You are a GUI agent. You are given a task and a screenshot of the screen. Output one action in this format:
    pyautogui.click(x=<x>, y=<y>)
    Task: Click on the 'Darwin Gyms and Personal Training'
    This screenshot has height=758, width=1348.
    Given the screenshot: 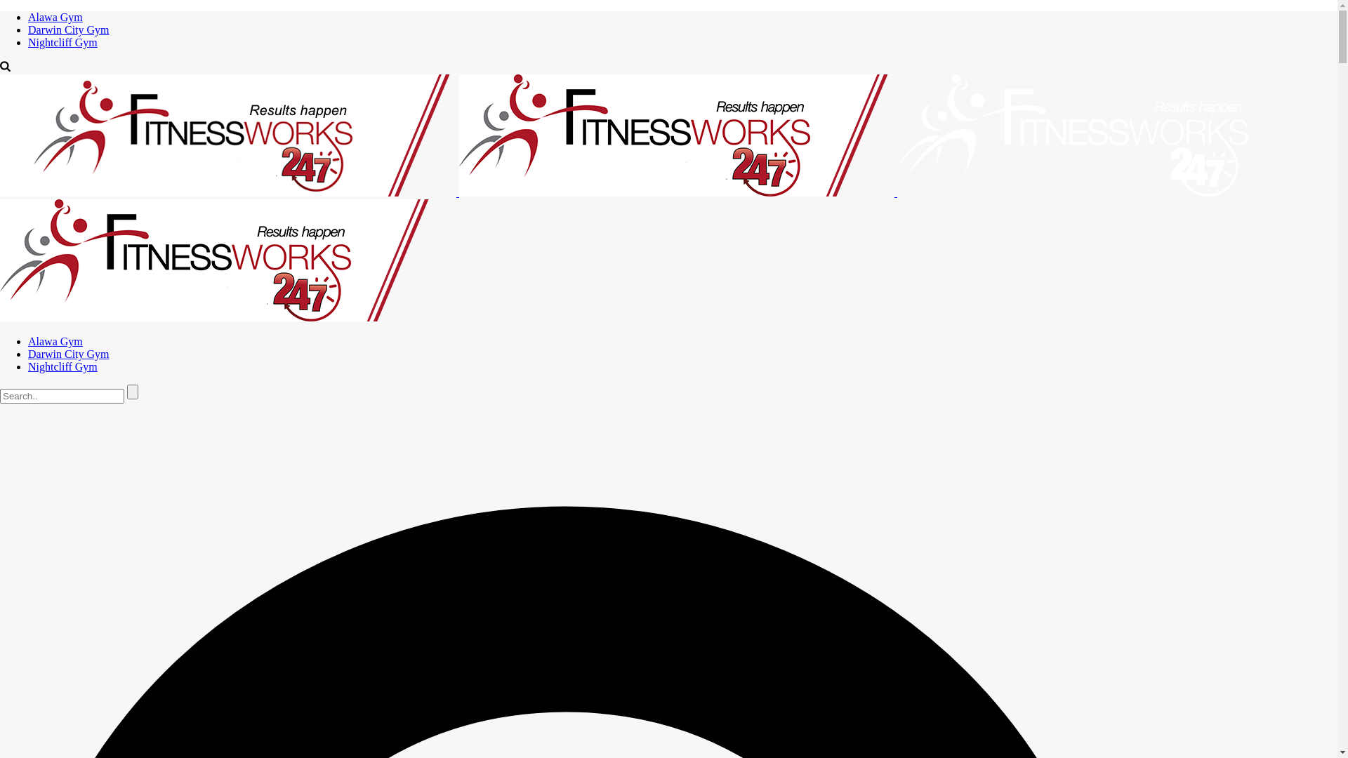 What is the action you would take?
    pyautogui.click(x=217, y=260)
    